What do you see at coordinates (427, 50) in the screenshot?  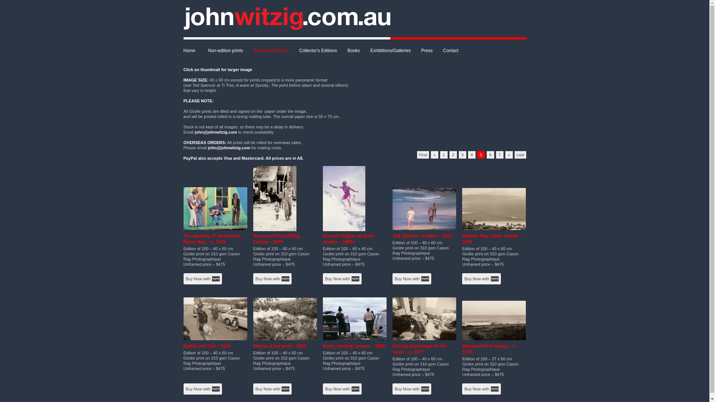 I see `'Press'` at bounding box center [427, 50].